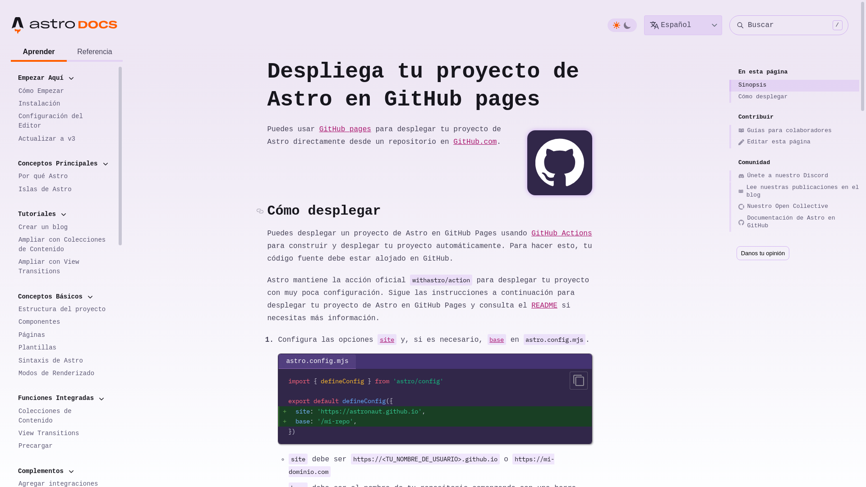  I want to click on 'Ampliar con View Transitions', so click(11, 266).